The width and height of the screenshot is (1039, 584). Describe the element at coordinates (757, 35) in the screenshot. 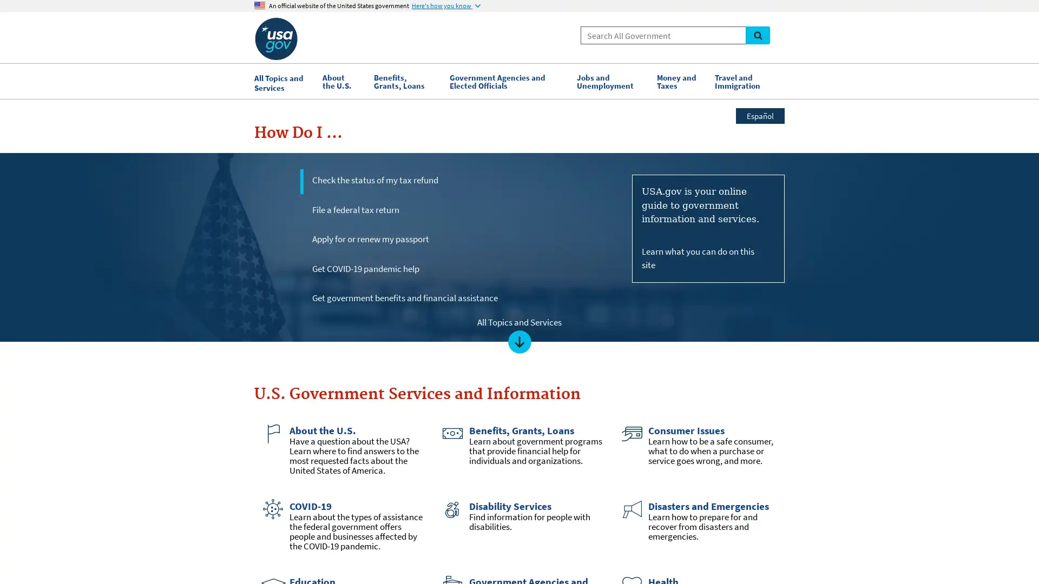

I see `Search` at that location.